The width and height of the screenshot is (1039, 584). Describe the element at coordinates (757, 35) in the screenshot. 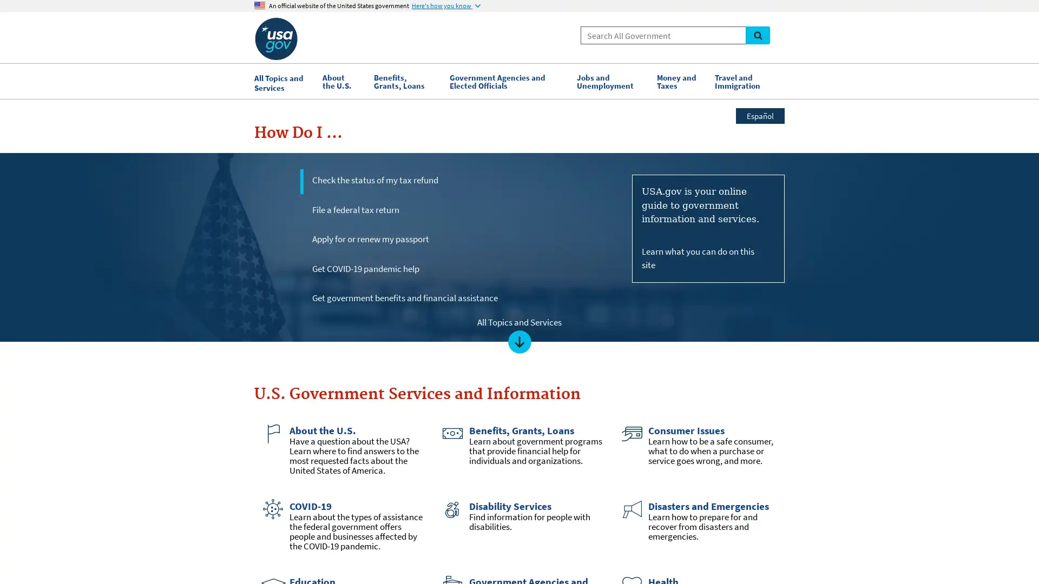

I see `Search` at that location.